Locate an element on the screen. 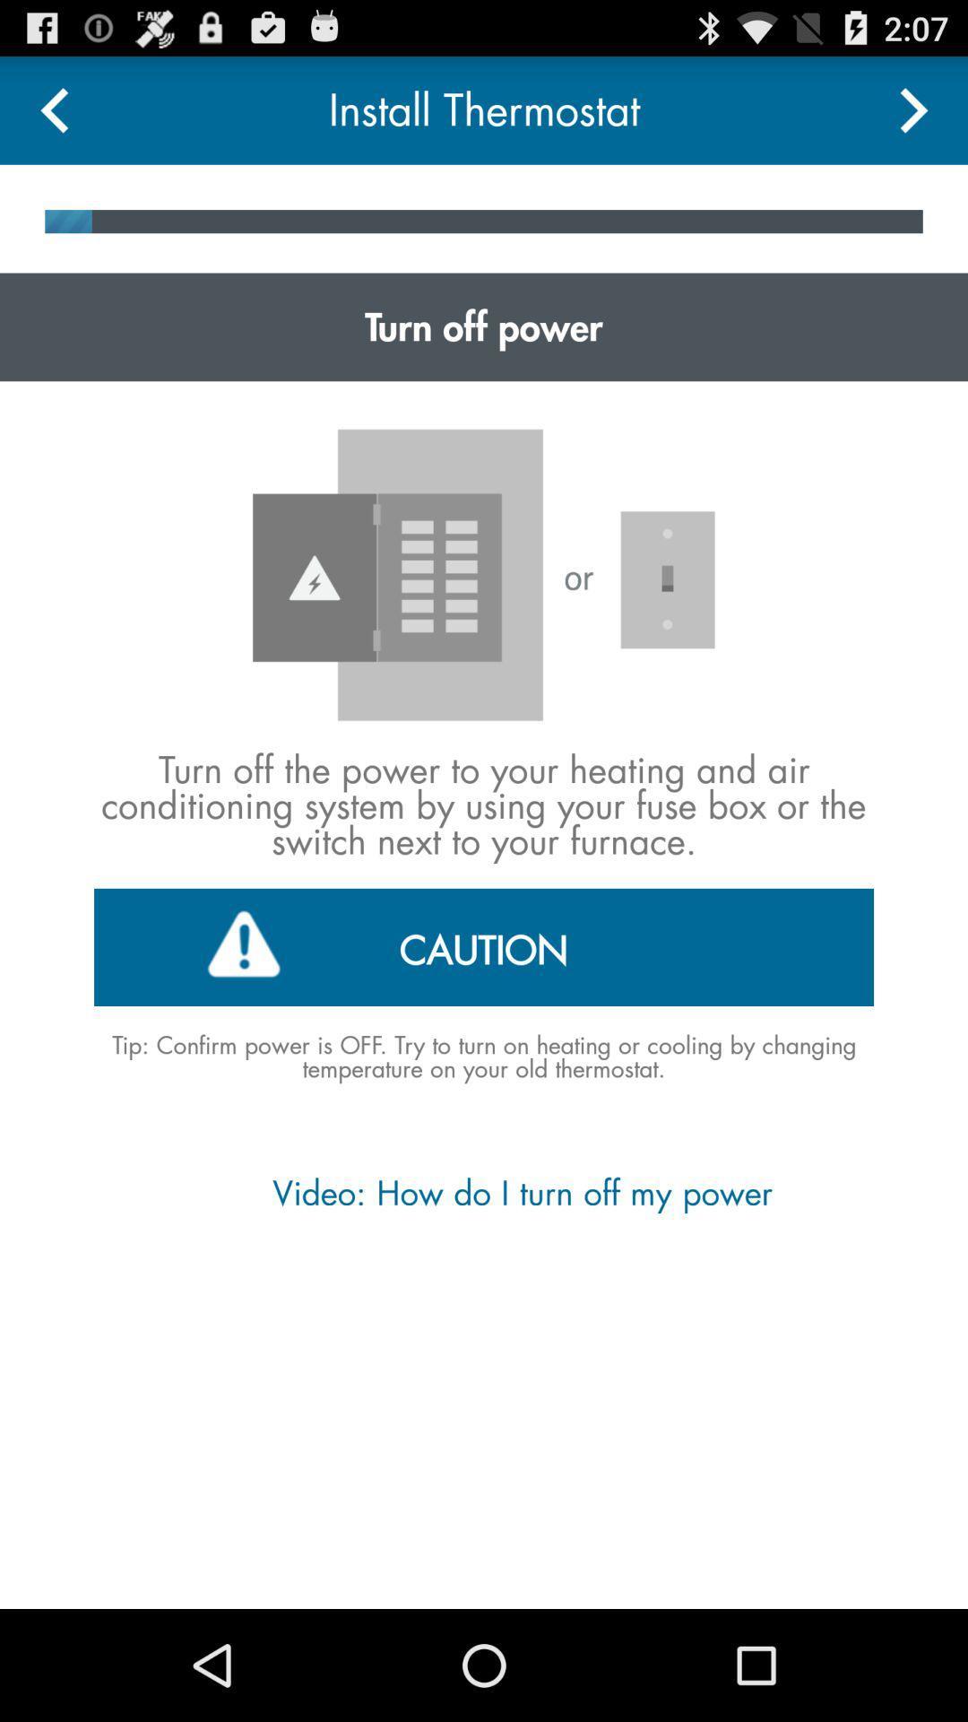  the app below tip confirm power item is located at coordinates (482, 1193).